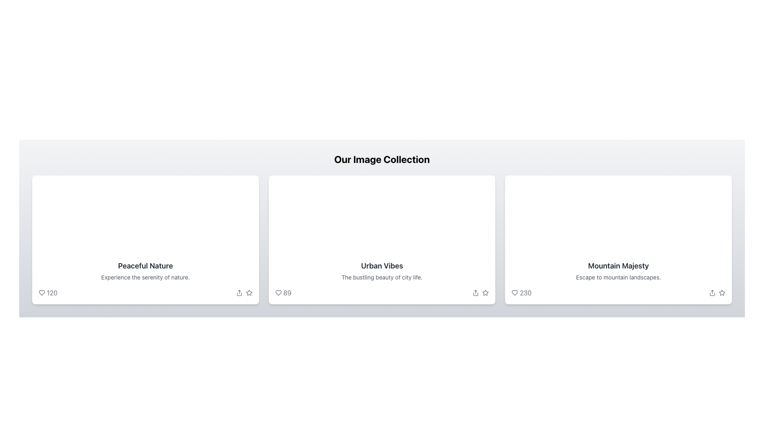 This screenshot has width=782, height=440. I want to click on the left icon of the Button Group, which resembles a share or upload symbol, located in the bottom-right corner of the card labeled 'Mountain Majesty', so click(717, 292).